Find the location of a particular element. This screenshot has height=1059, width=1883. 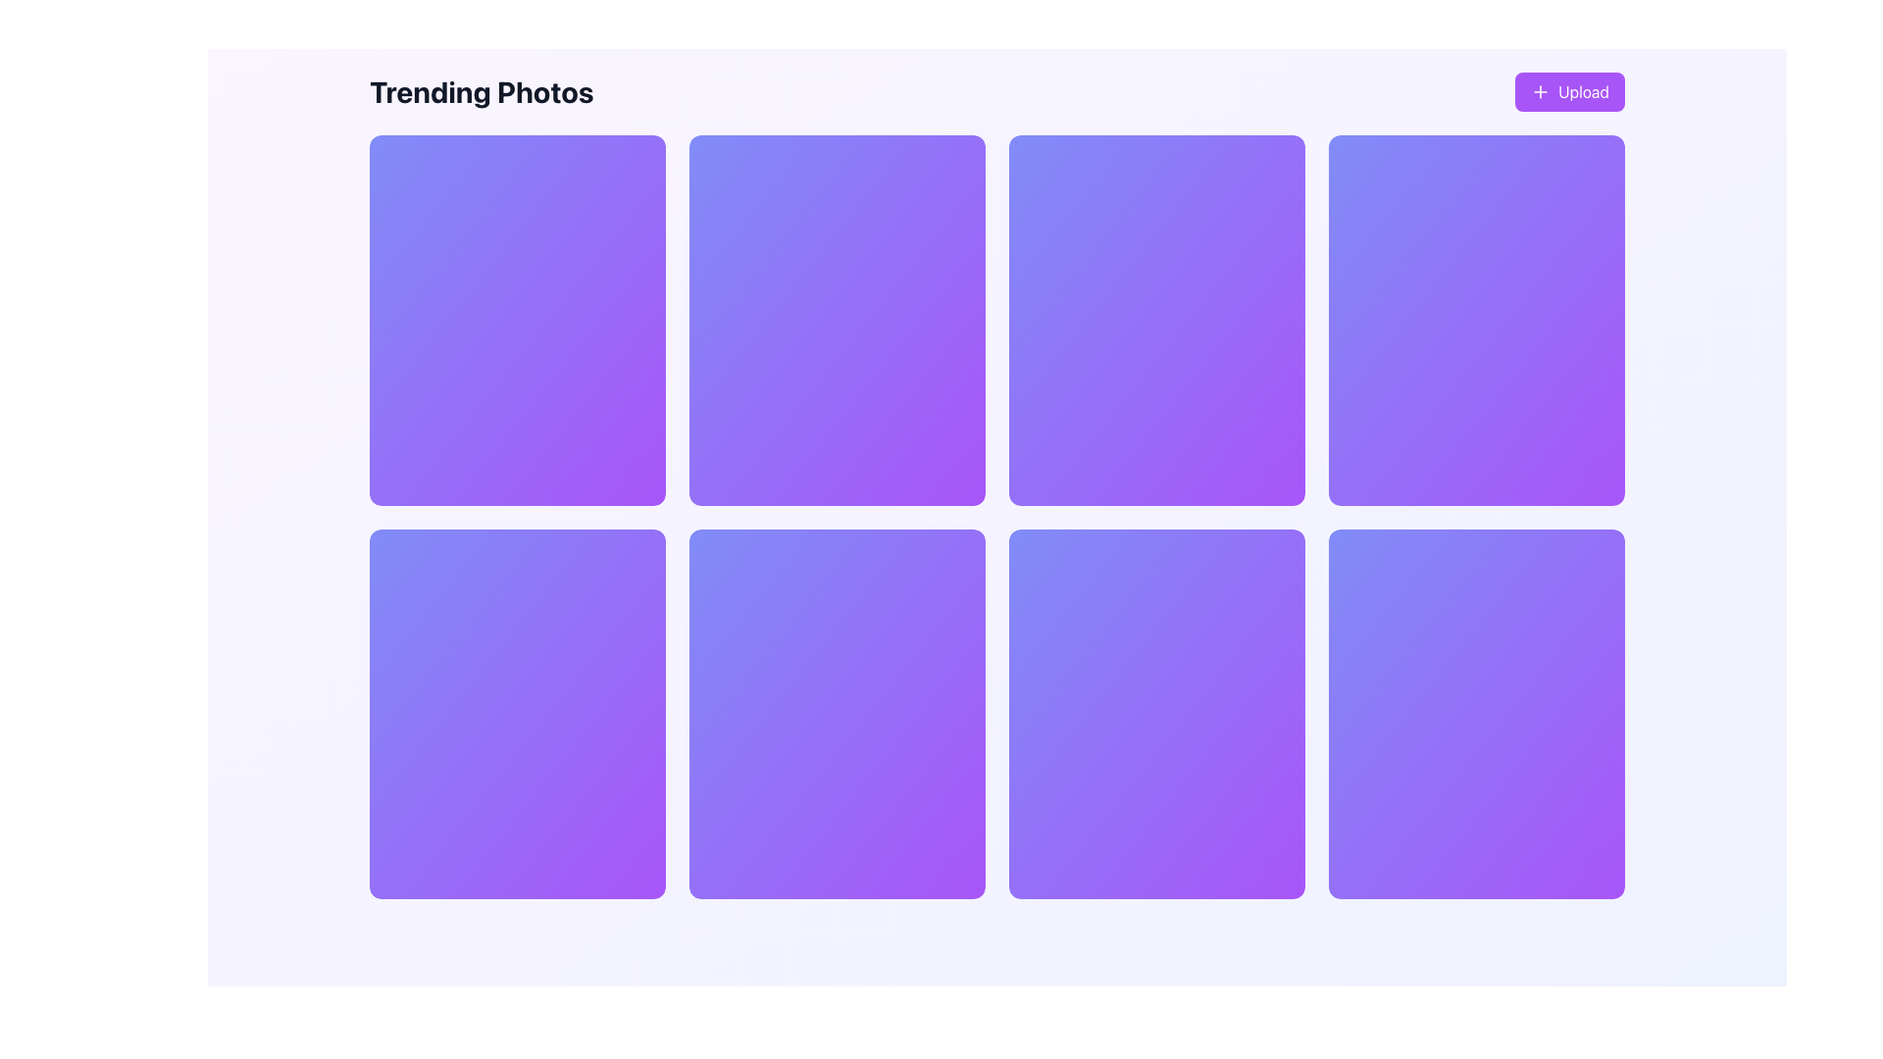

the Decorative SVG shape (circle) located within the fourth purple card from the left on the second row of the grid layout is located at coordinates (1274, 560).